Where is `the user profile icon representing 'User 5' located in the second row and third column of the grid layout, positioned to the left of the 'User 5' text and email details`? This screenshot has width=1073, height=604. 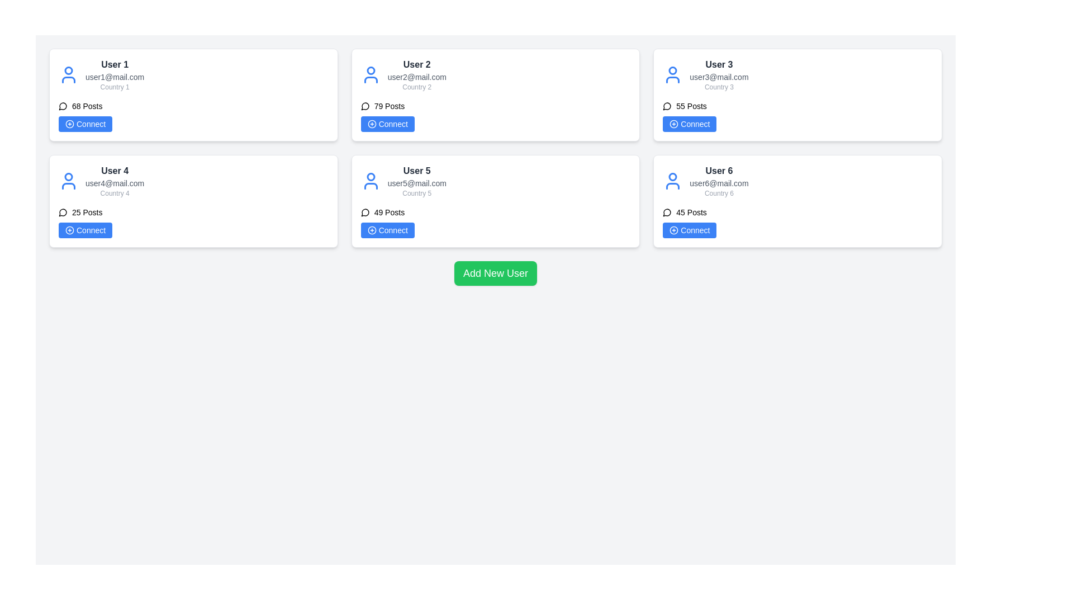
the user profile icon representing 'User 5' located in the second row and third column of the grid layout, positioned to the left of the 'User 5' text and email details is located at coordinates (371, 181).